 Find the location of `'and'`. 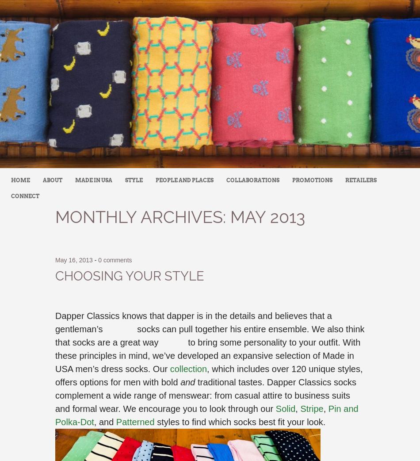

'and' is located at coordinates (187, 382).